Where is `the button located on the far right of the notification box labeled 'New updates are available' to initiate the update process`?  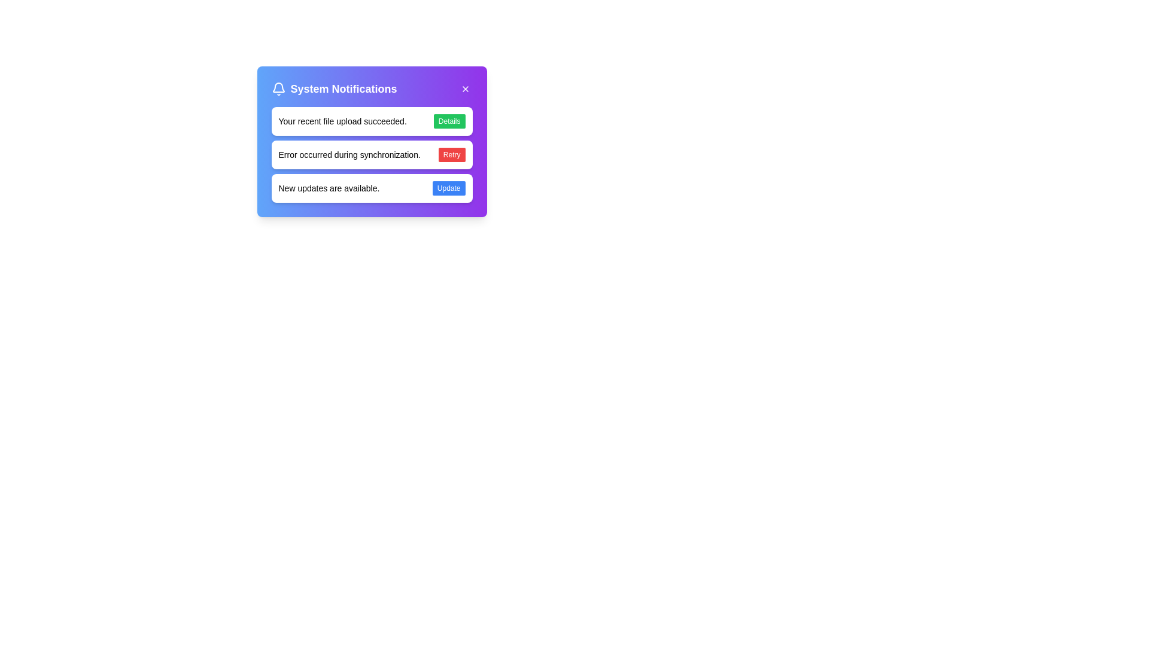 the button located on the far right of the notification box labeled 'New updates are available' to initiate the update process is located at coordinates (448, 188).